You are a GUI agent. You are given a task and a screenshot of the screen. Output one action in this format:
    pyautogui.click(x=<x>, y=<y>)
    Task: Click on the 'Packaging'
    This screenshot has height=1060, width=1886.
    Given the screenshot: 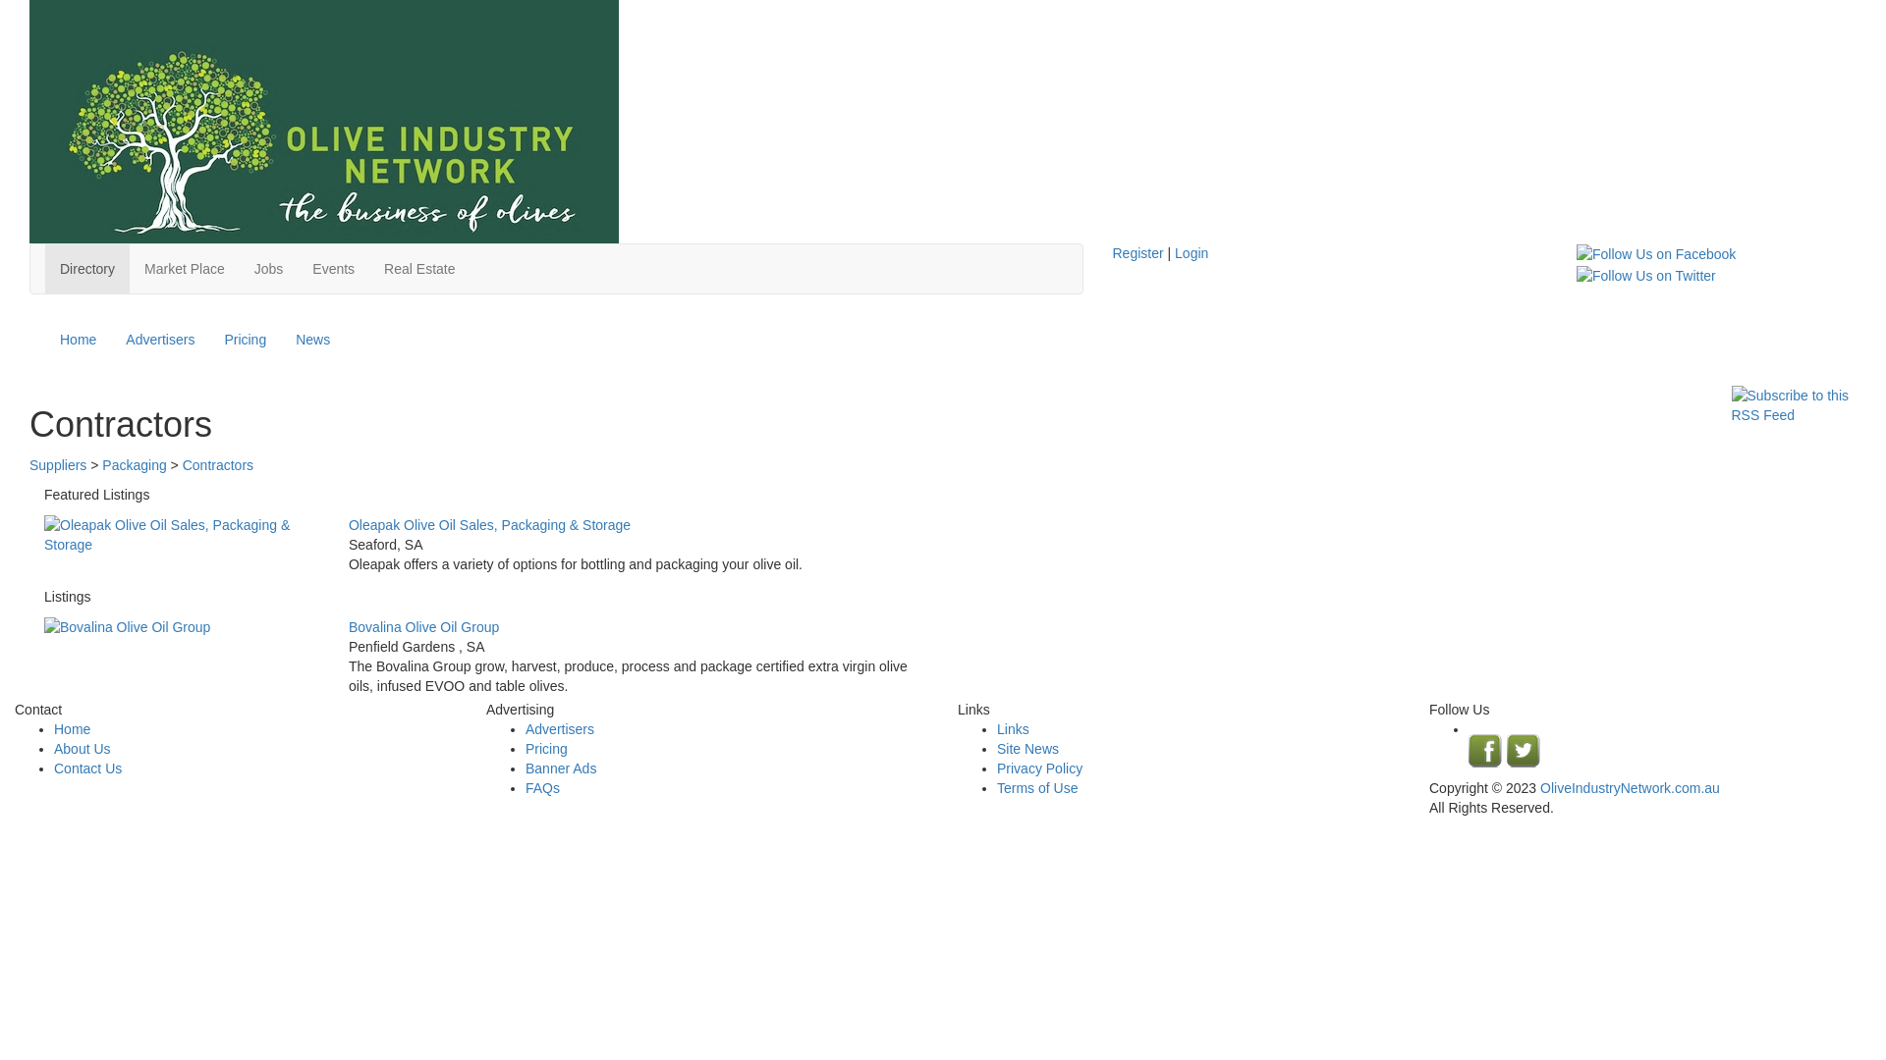 What is the action you would take?
    pyautogui.click(x=133, y=465)
    